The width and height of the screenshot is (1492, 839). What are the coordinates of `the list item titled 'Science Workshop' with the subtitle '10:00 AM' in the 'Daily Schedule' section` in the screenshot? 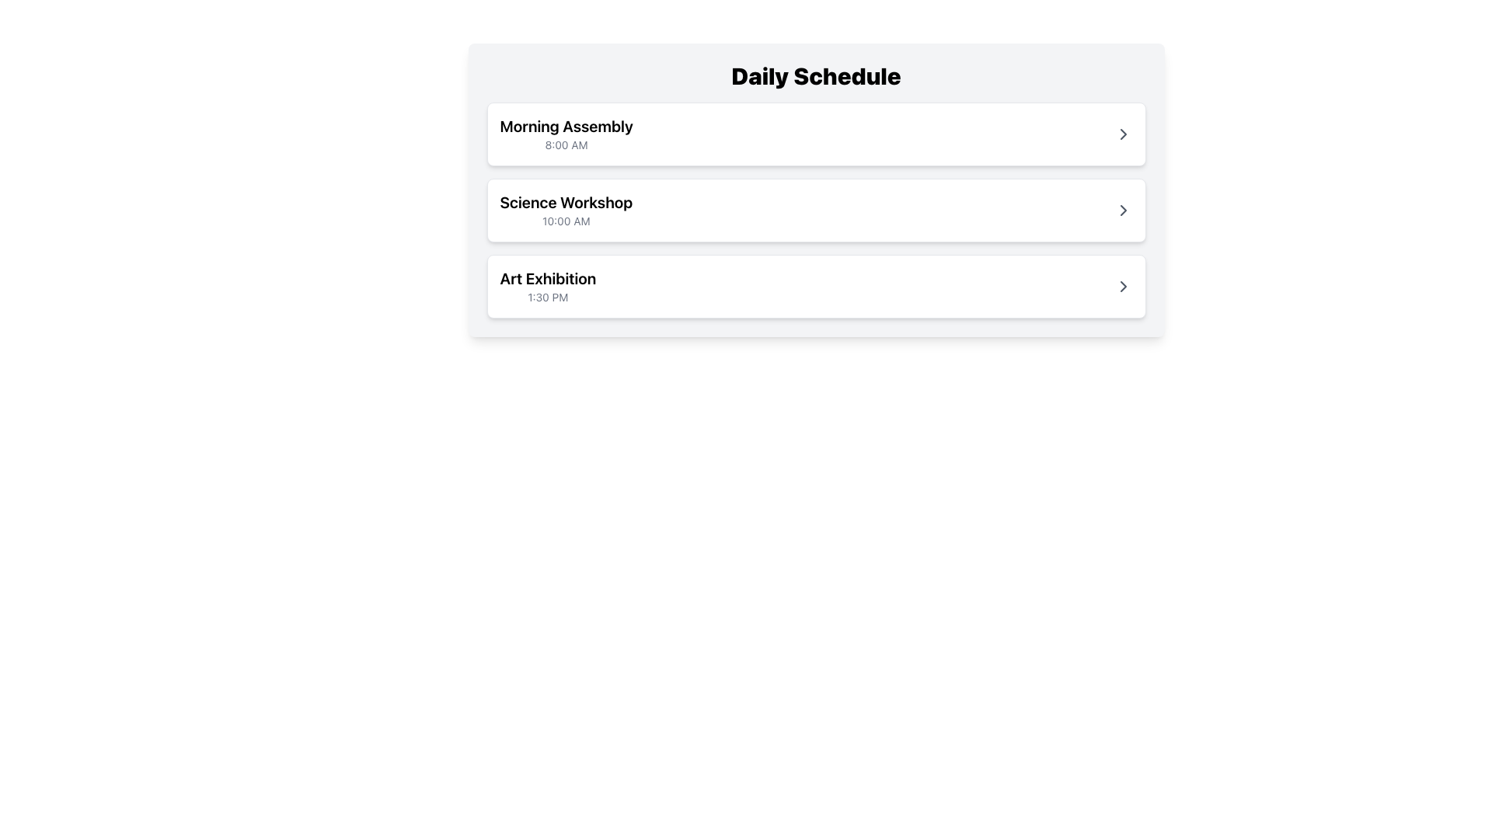 It's located at (815, 210).